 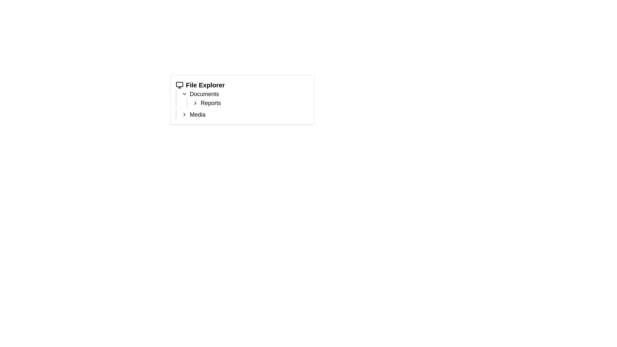 What do you see at coordinates (242, 100) in the screenshot?
I see `the 'Reports' section in the file explorer navigation pane` at bounding box center [242, 100].